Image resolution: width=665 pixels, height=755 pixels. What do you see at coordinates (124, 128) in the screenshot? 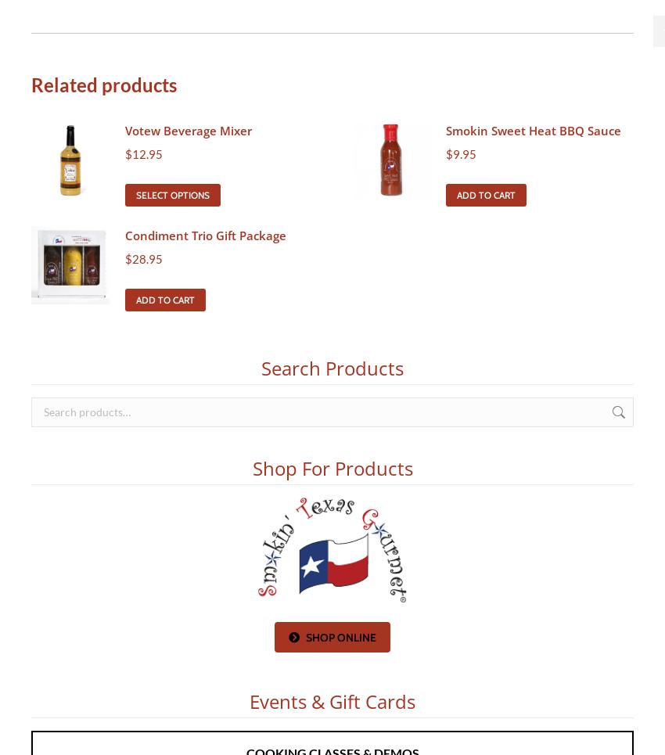
I see `'Votew Beverage Mixer'` at bounding box center [124, 128].